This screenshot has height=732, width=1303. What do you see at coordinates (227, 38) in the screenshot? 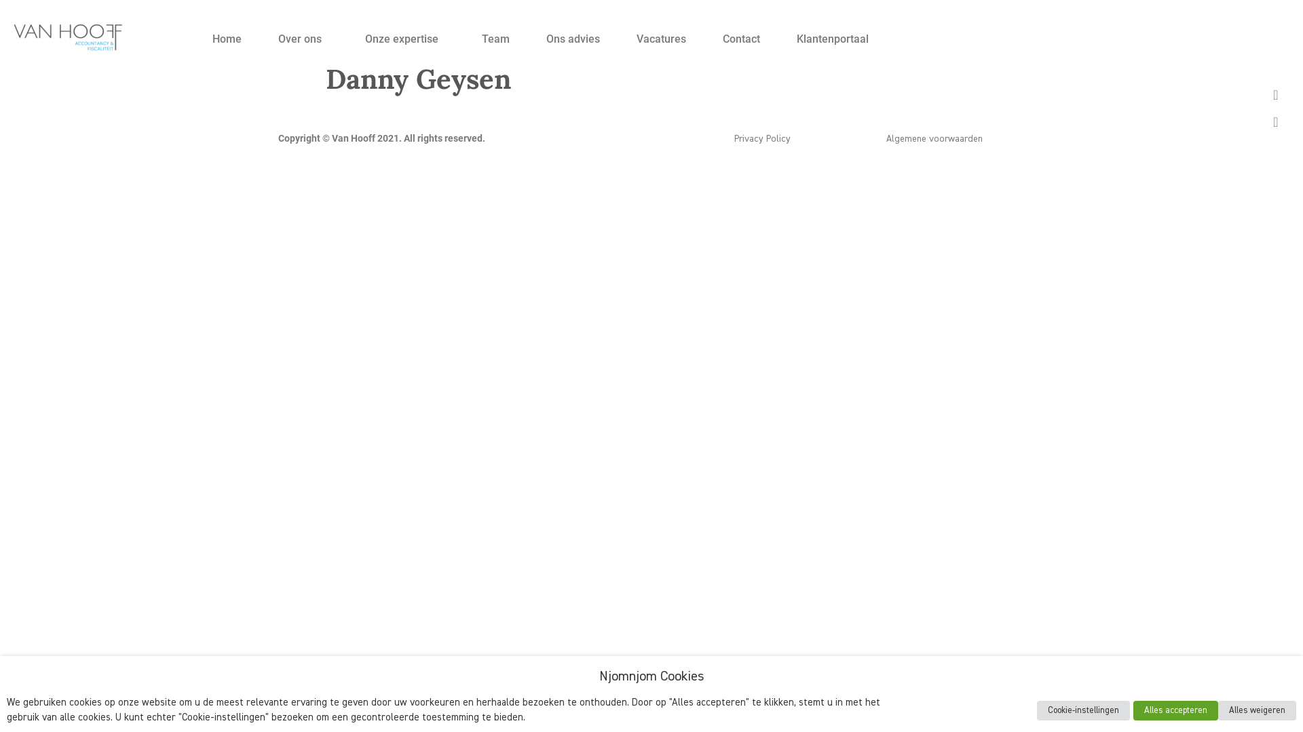
I see `'Home'` at bounding box center [227, 38].